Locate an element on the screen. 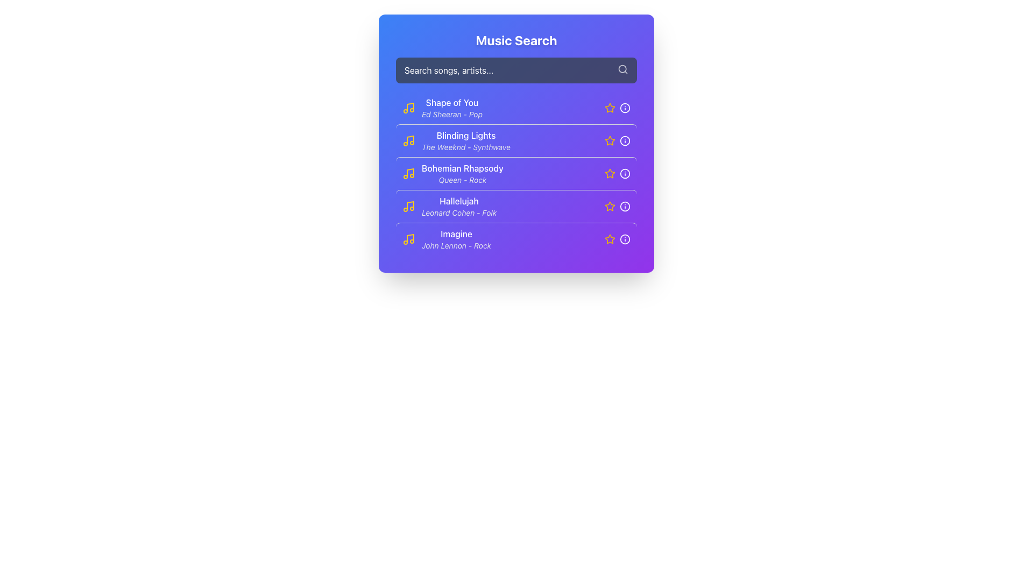 This screenshot has width=1033, height=581. the yellow music note icon located at the beginning of the 'Imagine' song entry in the music search interface is located at coordinates (408, 238).